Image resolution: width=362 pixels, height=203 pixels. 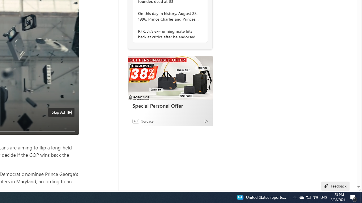 What do you see at coordinates (71, 138) in the screenshot?
I see `'Unmute'` at bounding box center [71, 138].